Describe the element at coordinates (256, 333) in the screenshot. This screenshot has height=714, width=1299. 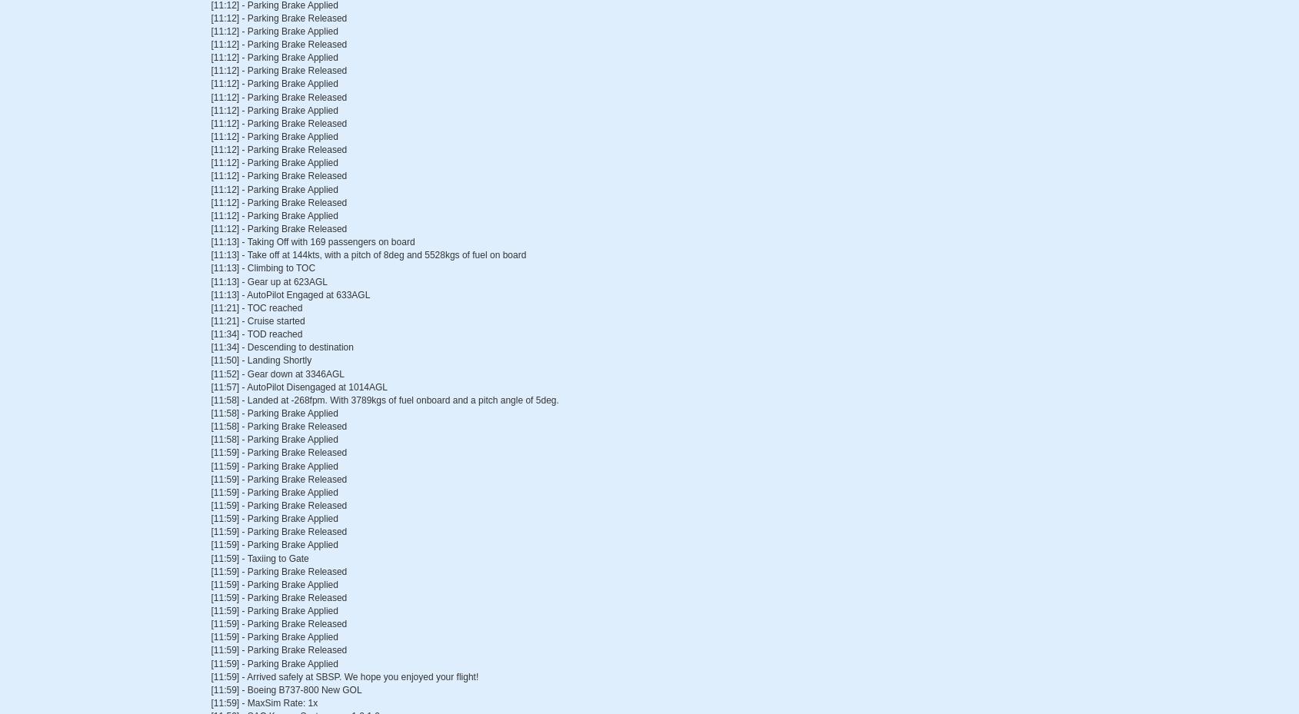
I see `'[11:34] - TOD reached'` at that location.